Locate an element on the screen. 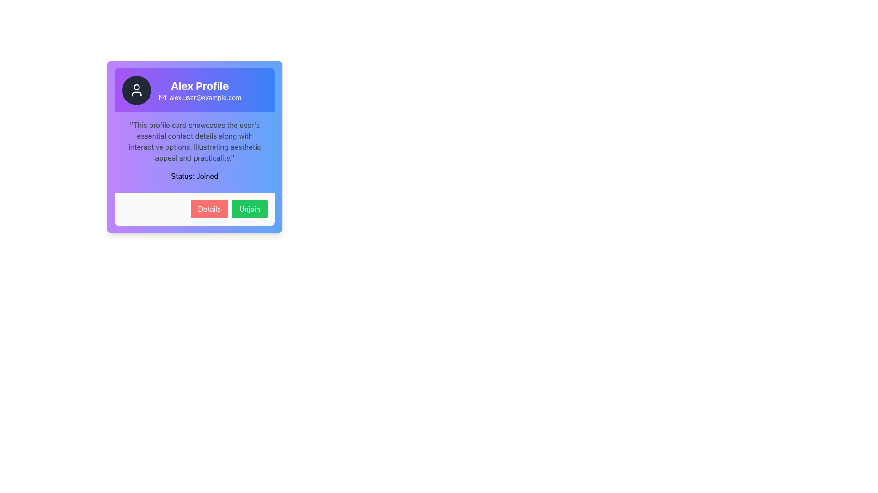  the purple envelope icon representing email, located to the left of the email address 'alex.user@example.com' in the profile card interface is located at coordinates (162, 97).